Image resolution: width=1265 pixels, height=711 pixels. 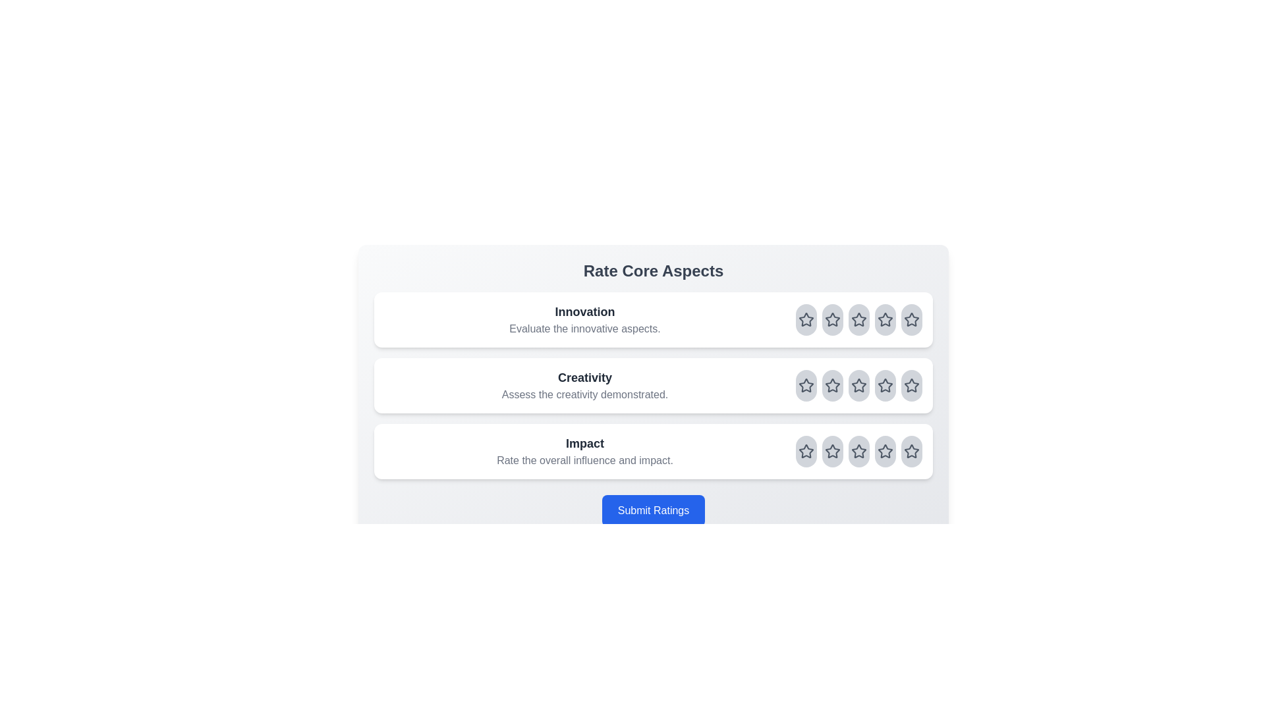 I want to click on the rating for the aspect Creativity to 1 stars by clicking on the corresponding star, so click(x=806, y=385).